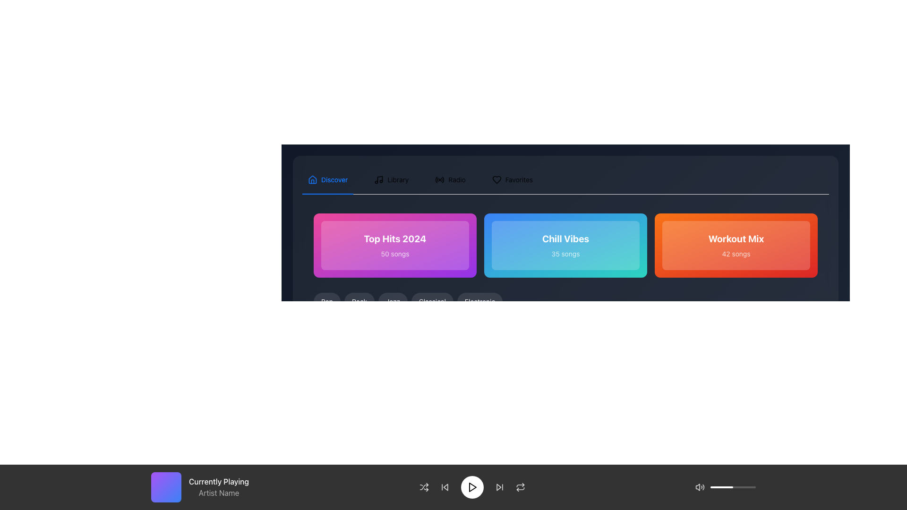 This screenshot has height=510, width=907. Describe the element at coordinates (359, 302) in the screenshot. I see `the 'Rock' genre button, which is the second button in a horizontal list of five buttons including 'Pop', 'Rock', 'Jazz', 'Classical', and 'Electronic'` at that location.